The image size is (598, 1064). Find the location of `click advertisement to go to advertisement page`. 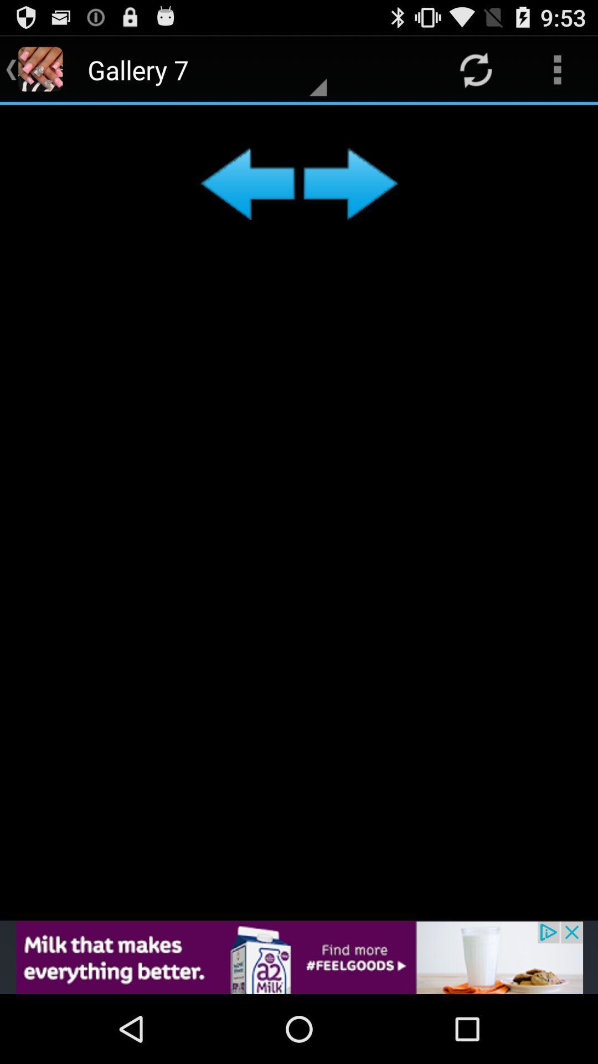

click advertisement to go to advertisement page is located at coordinates (299, 957).